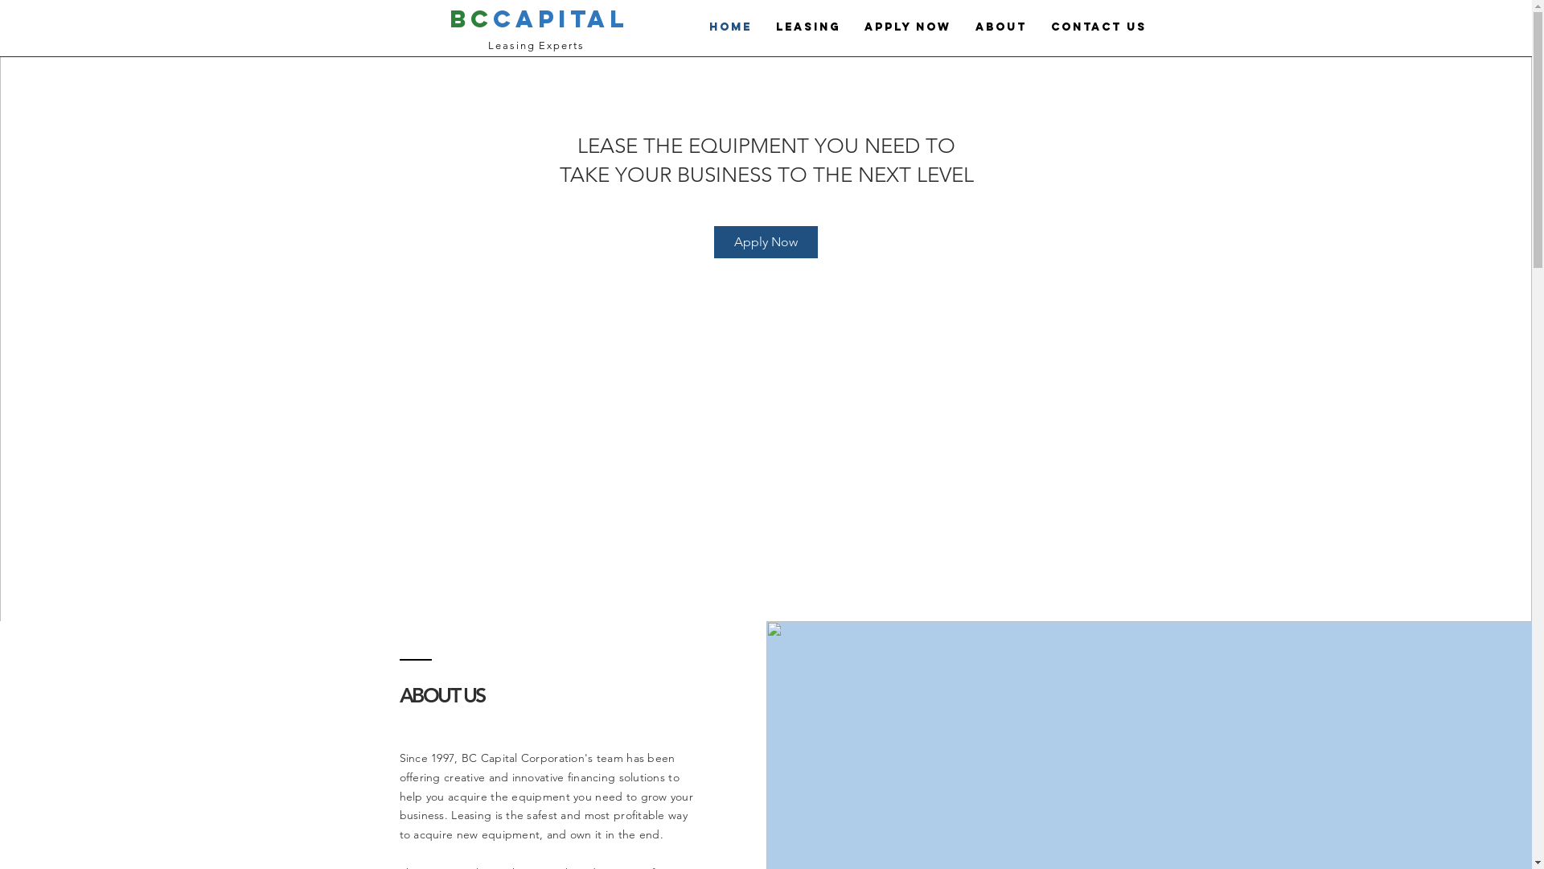 This screenshot has width=1544, height=869. Describe the element at coordinates (852, 27) in the screenshot. I see `'Apply Now'` at that location.